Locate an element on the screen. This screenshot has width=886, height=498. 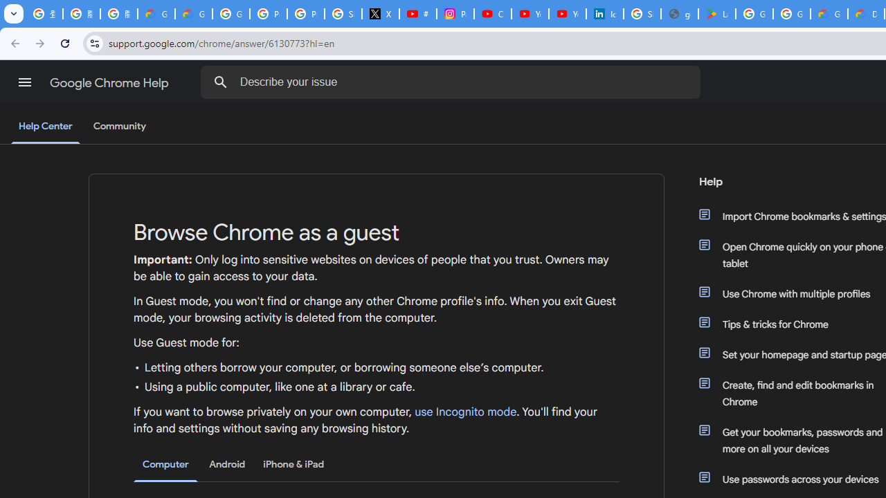
'Privacy Help Center - Policies Help' is located at coordinates (268, 14).